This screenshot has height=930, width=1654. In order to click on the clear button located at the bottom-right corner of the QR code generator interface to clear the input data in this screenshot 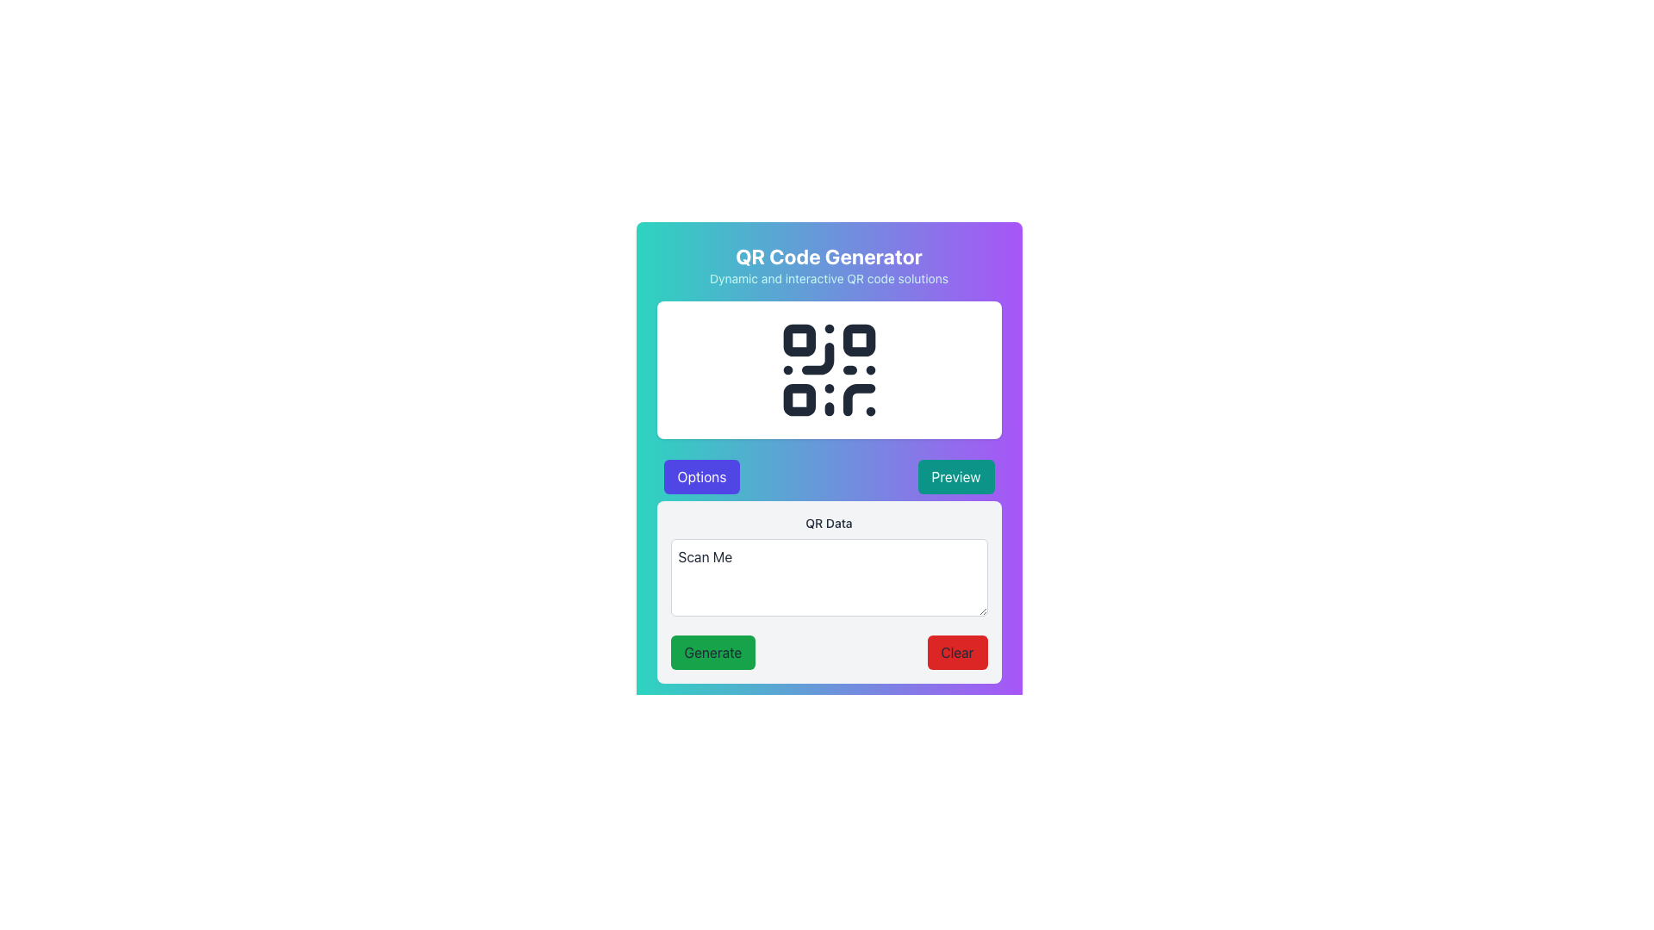, I will do `click(956, 653)`.